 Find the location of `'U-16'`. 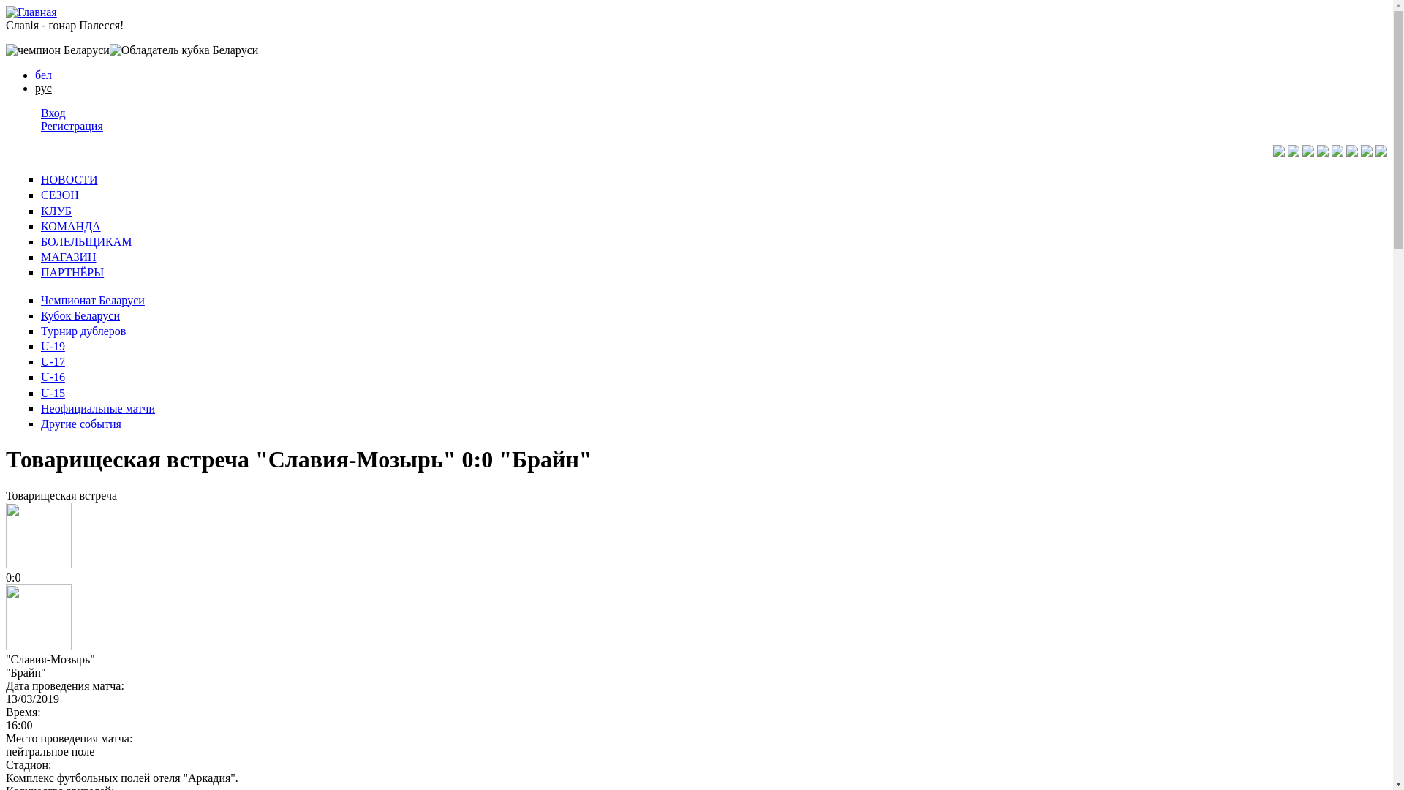

'U-16' is located at coordinates (53, 376).